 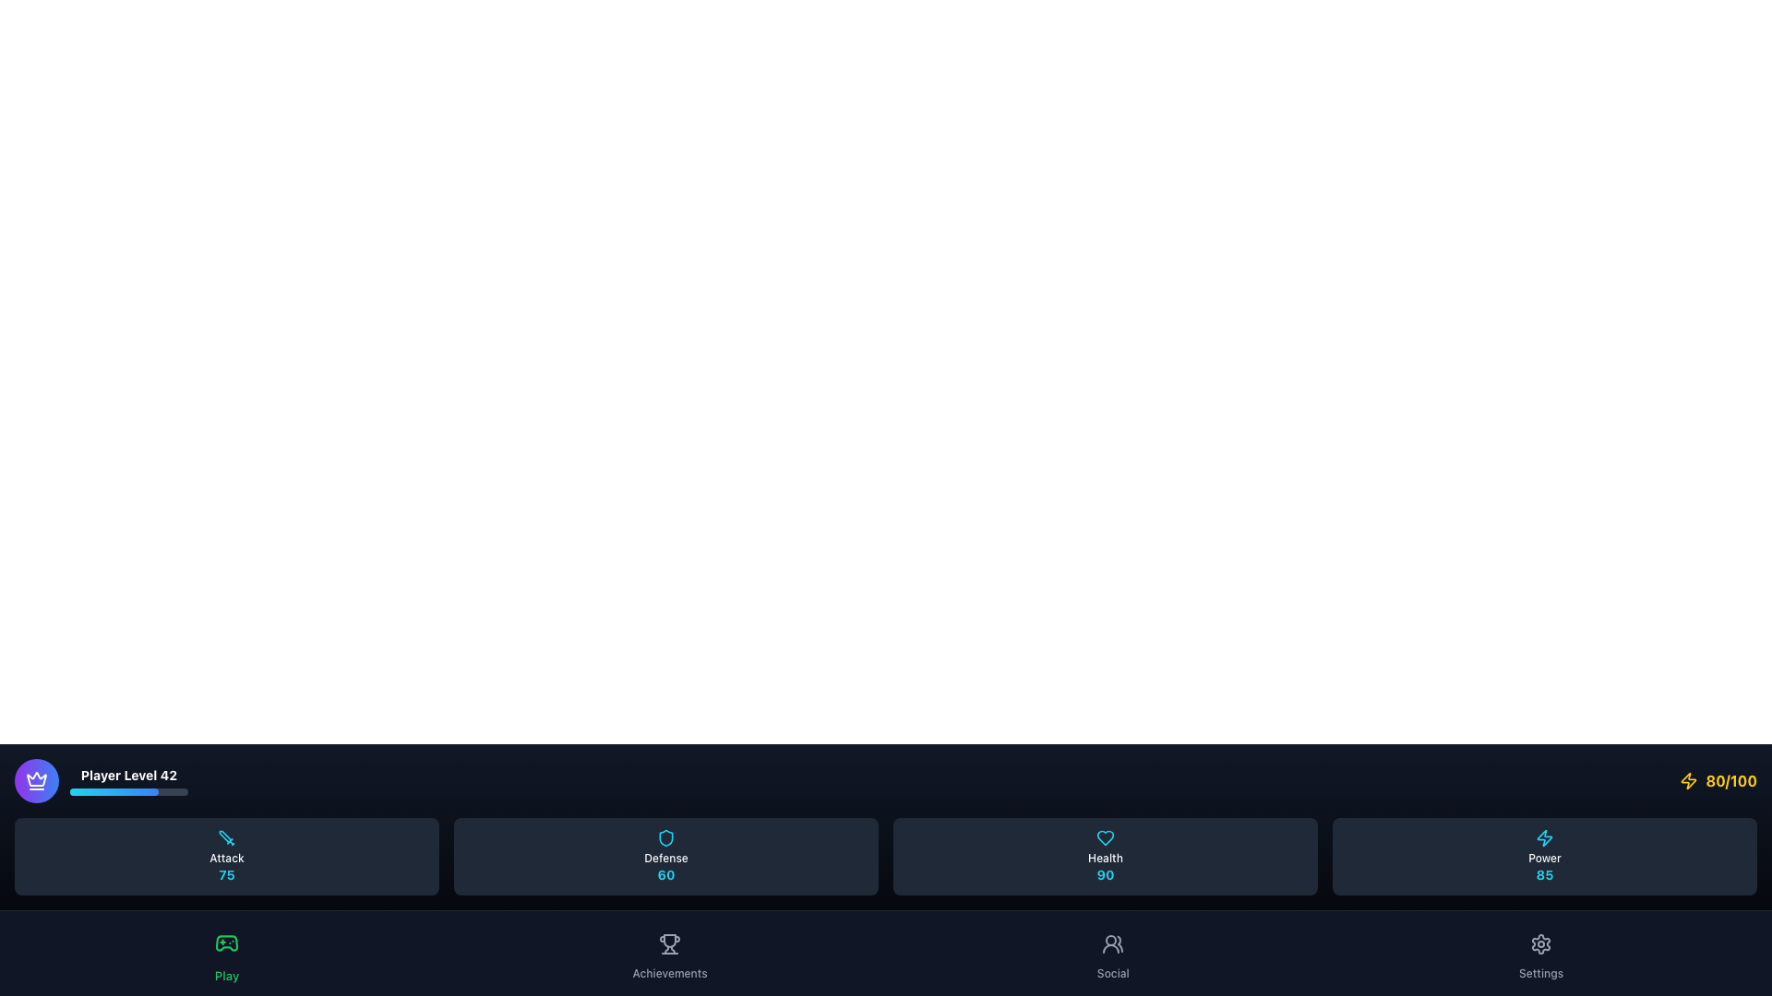 What do you see at coordinates (225, 857) in the screenshot?
I see `the Information display card, which is a dark gray rectangular card with rounded edges, containing a cyan sword icon and text below it, positioned at the bottom center of the interface` at bounding box center [225, 857].